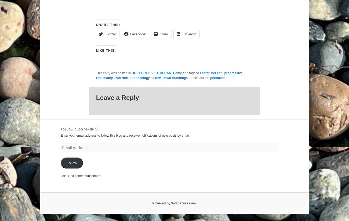  What do you see at coordinates (125, 135) in the screenshot?
I see `'Enter your email address to follow this blog and receive notifications of new posts by email.'` at bounding box center [125, 135].